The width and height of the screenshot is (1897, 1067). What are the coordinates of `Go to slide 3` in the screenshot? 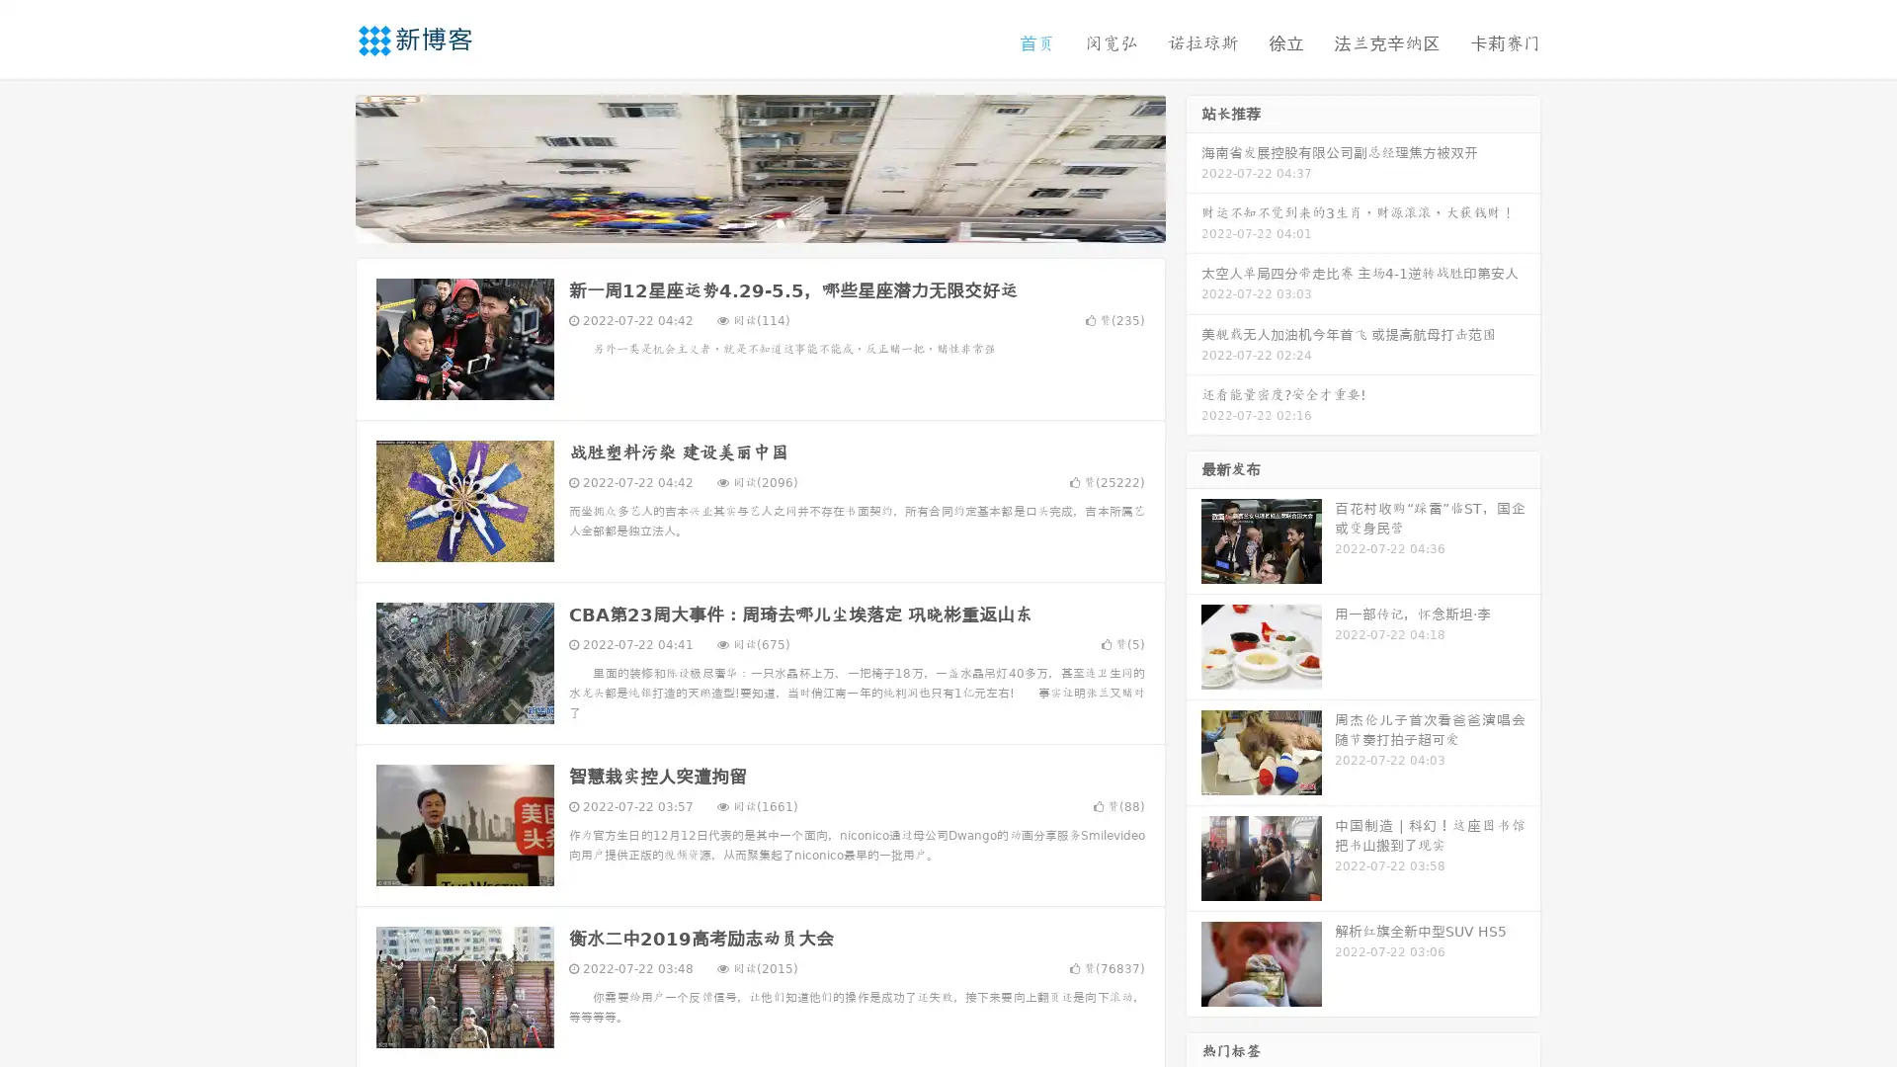 It's located at (780, 222).